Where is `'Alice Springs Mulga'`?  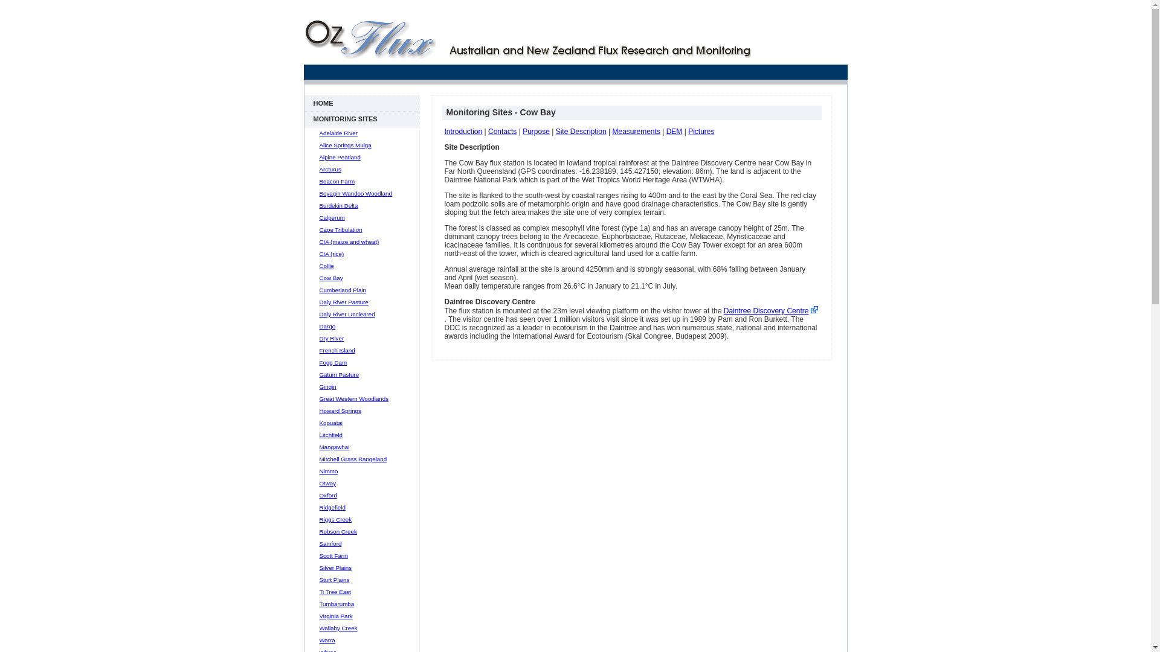 'Alice Springs Mulga' is located at coordinates (344, 144).